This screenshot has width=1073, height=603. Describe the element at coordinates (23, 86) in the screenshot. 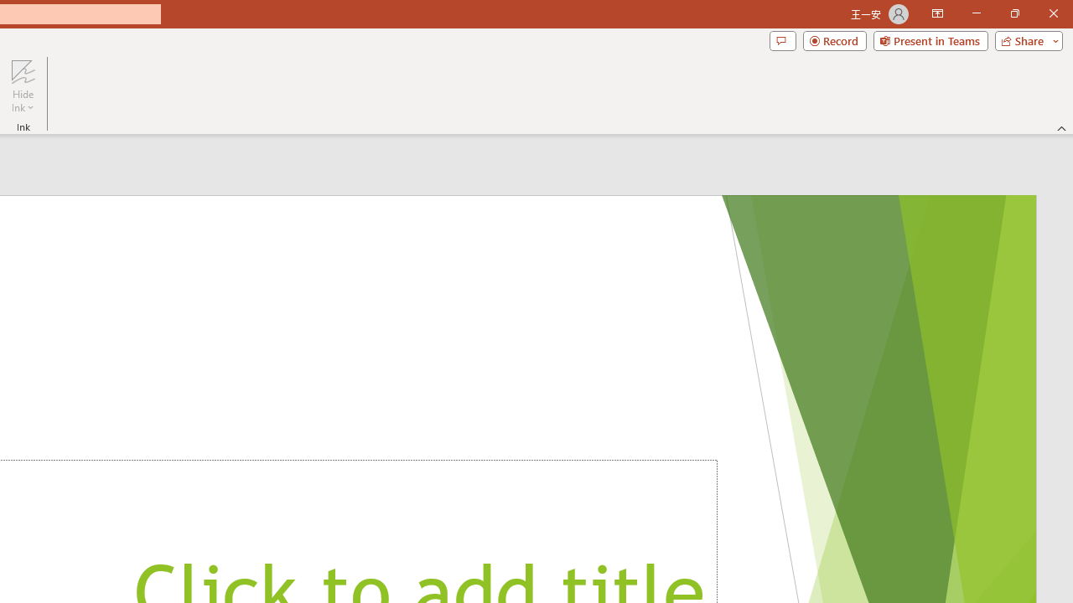

I see `'Hide Ink'` at that location.